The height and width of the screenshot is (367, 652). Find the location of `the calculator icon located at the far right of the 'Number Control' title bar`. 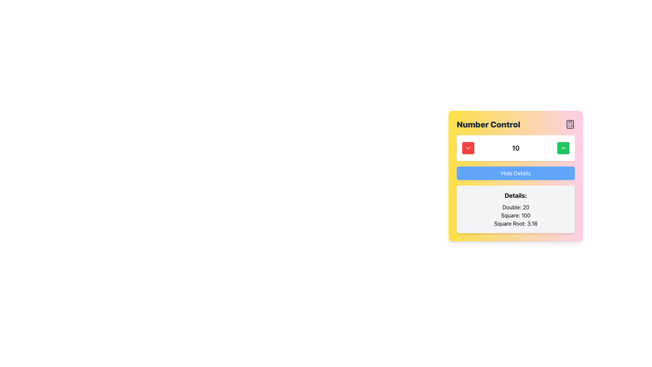

the calculator icon located at the far right of the 'Number Control' title bar is located at coordinates (570, 124).